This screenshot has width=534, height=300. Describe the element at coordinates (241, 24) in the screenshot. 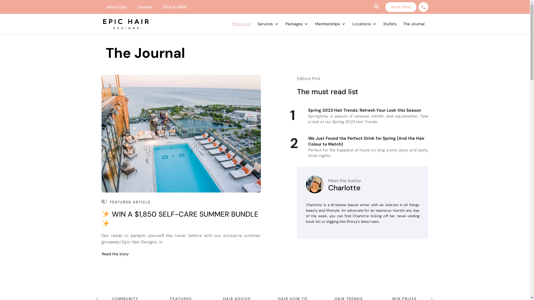

I see `'Price Lists'` at that location.